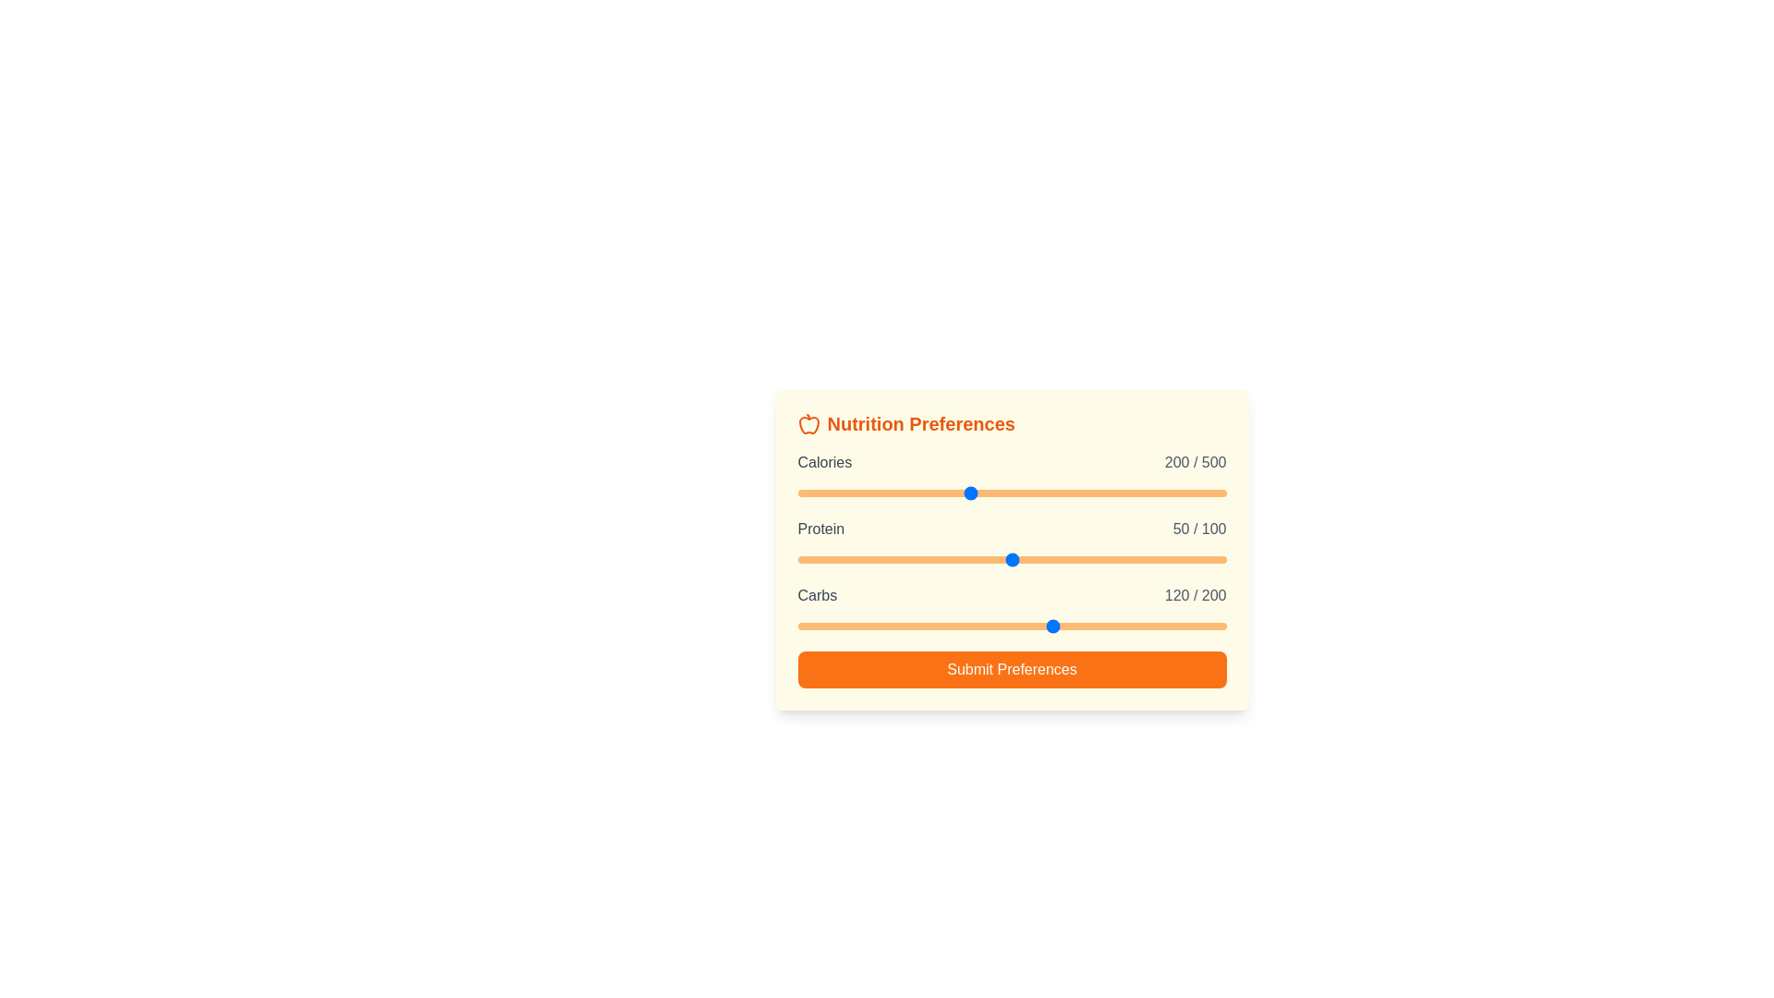 This screenshot has height=998, width=1774. What do you see at coordinates (823, 462) in the screenshot?
I see `the static text label indicating 'Calories' in the 'Nutrition Preferences' card layout, which is positioned above the numerical value '200 / 500'` at bounding box center [823, 462].